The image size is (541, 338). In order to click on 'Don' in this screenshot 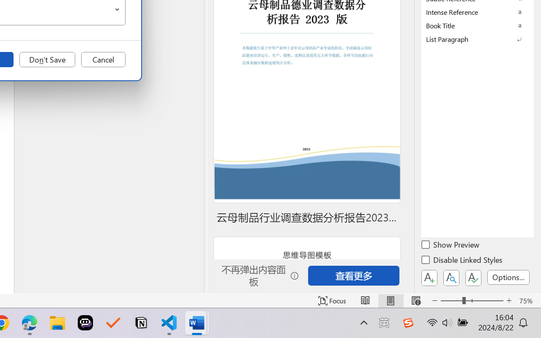, I will do `click(47, 60)`.